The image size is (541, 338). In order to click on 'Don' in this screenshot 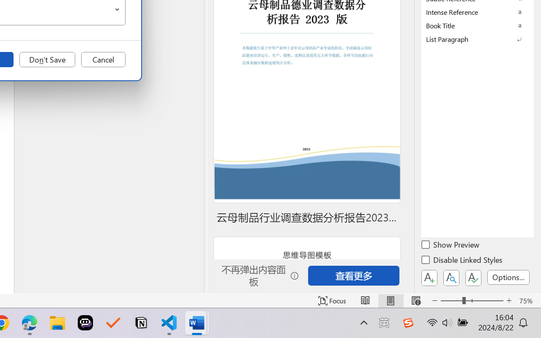, I will do `click(47, 60)`.